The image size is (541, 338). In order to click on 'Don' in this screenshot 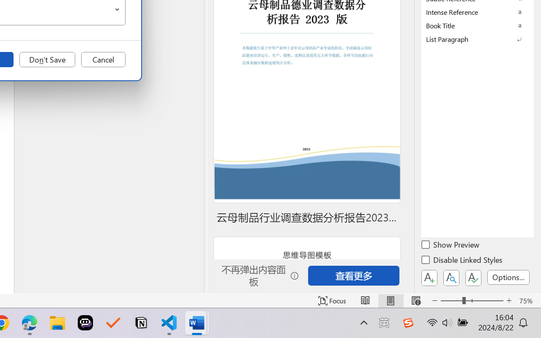, I will do `click(47, 60)`.